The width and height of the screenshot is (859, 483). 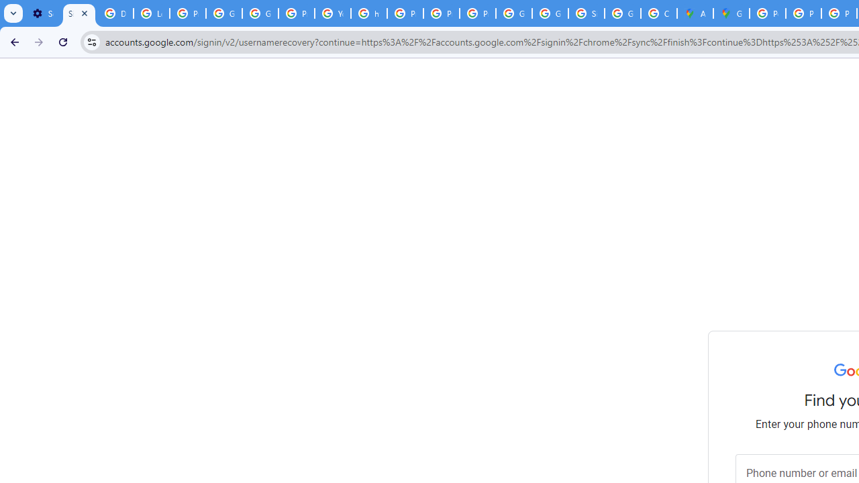 What do you see at coordinates (39, 41) in the screenshot?
I see `'Forward'` at bounding box center [39, 41].